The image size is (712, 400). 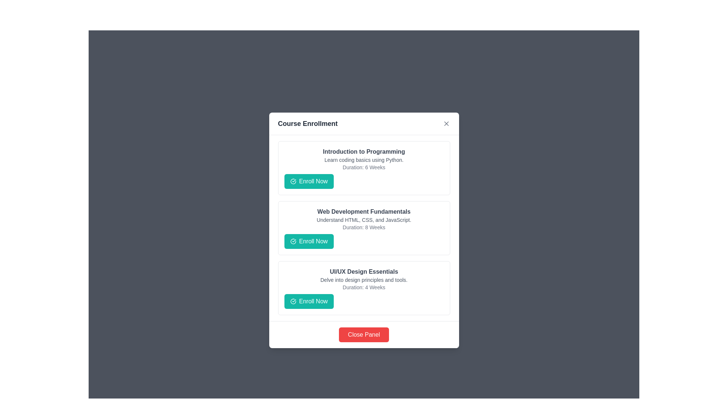 What do you see at coordinates (446, 123) in the screenshot?
I see `the 'X' shaped icon with thin lines located in the top-right corner of the 'Course Enrollment' dialog box` at bounding box center [446, 123].